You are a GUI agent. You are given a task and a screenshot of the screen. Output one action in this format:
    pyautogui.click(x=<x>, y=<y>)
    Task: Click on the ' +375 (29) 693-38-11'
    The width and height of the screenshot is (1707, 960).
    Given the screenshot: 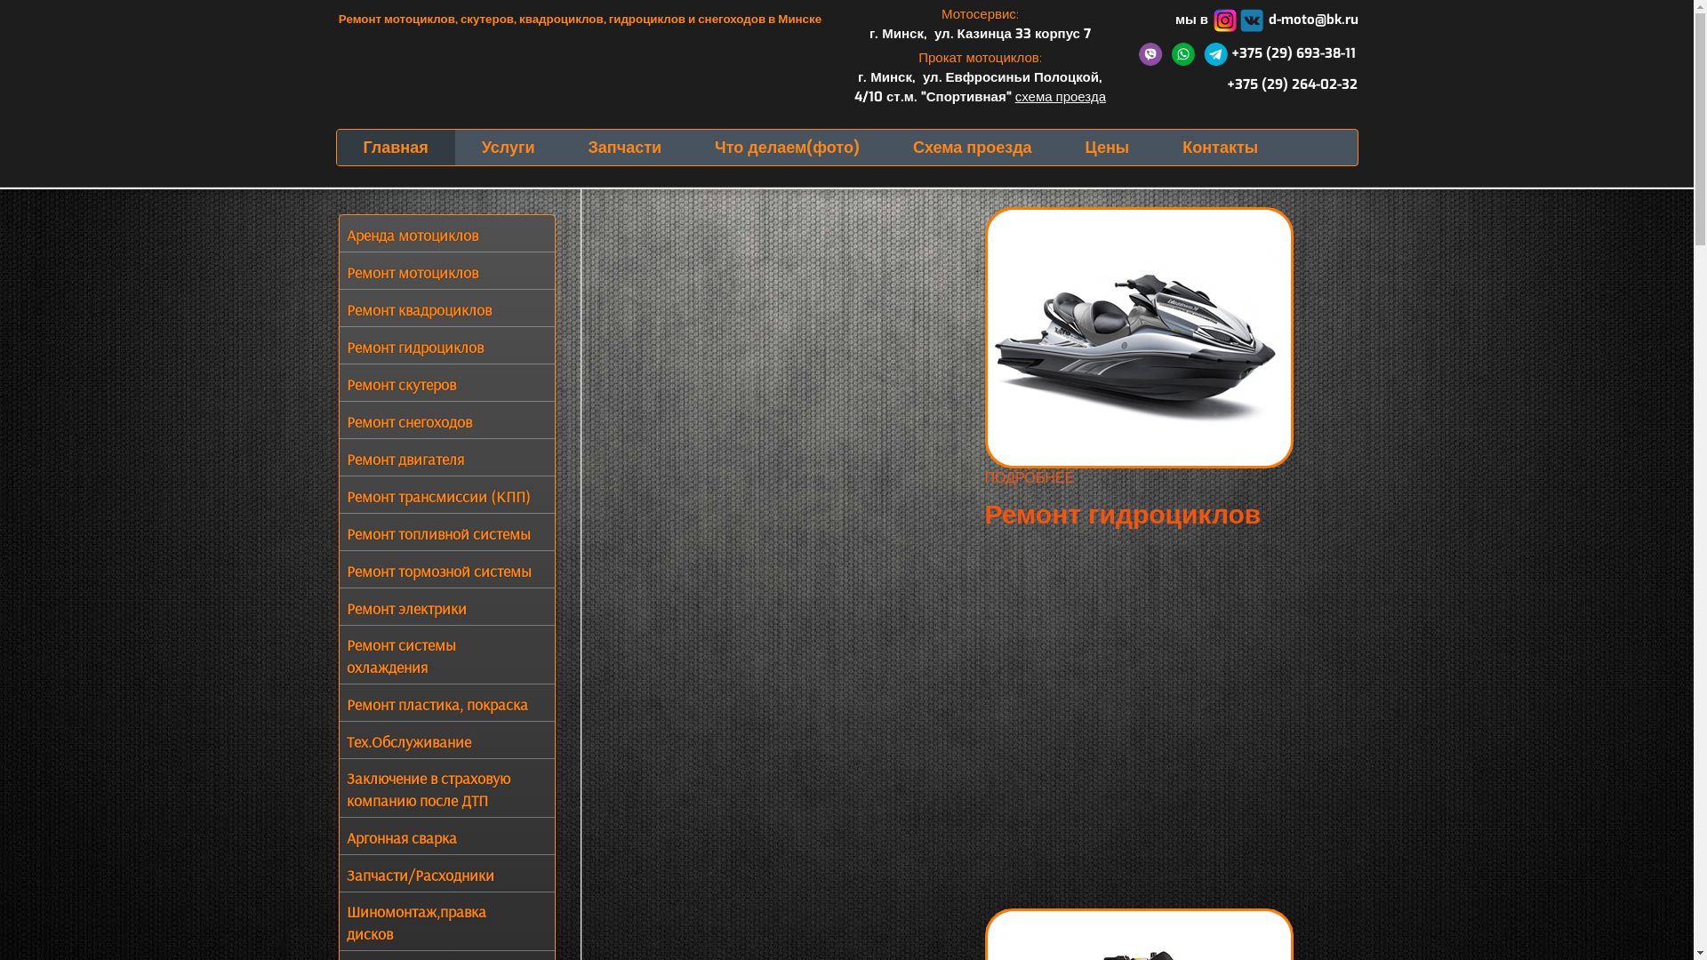 What is the action you would take?
    pyautogui.click(x=1245, y=52)
    